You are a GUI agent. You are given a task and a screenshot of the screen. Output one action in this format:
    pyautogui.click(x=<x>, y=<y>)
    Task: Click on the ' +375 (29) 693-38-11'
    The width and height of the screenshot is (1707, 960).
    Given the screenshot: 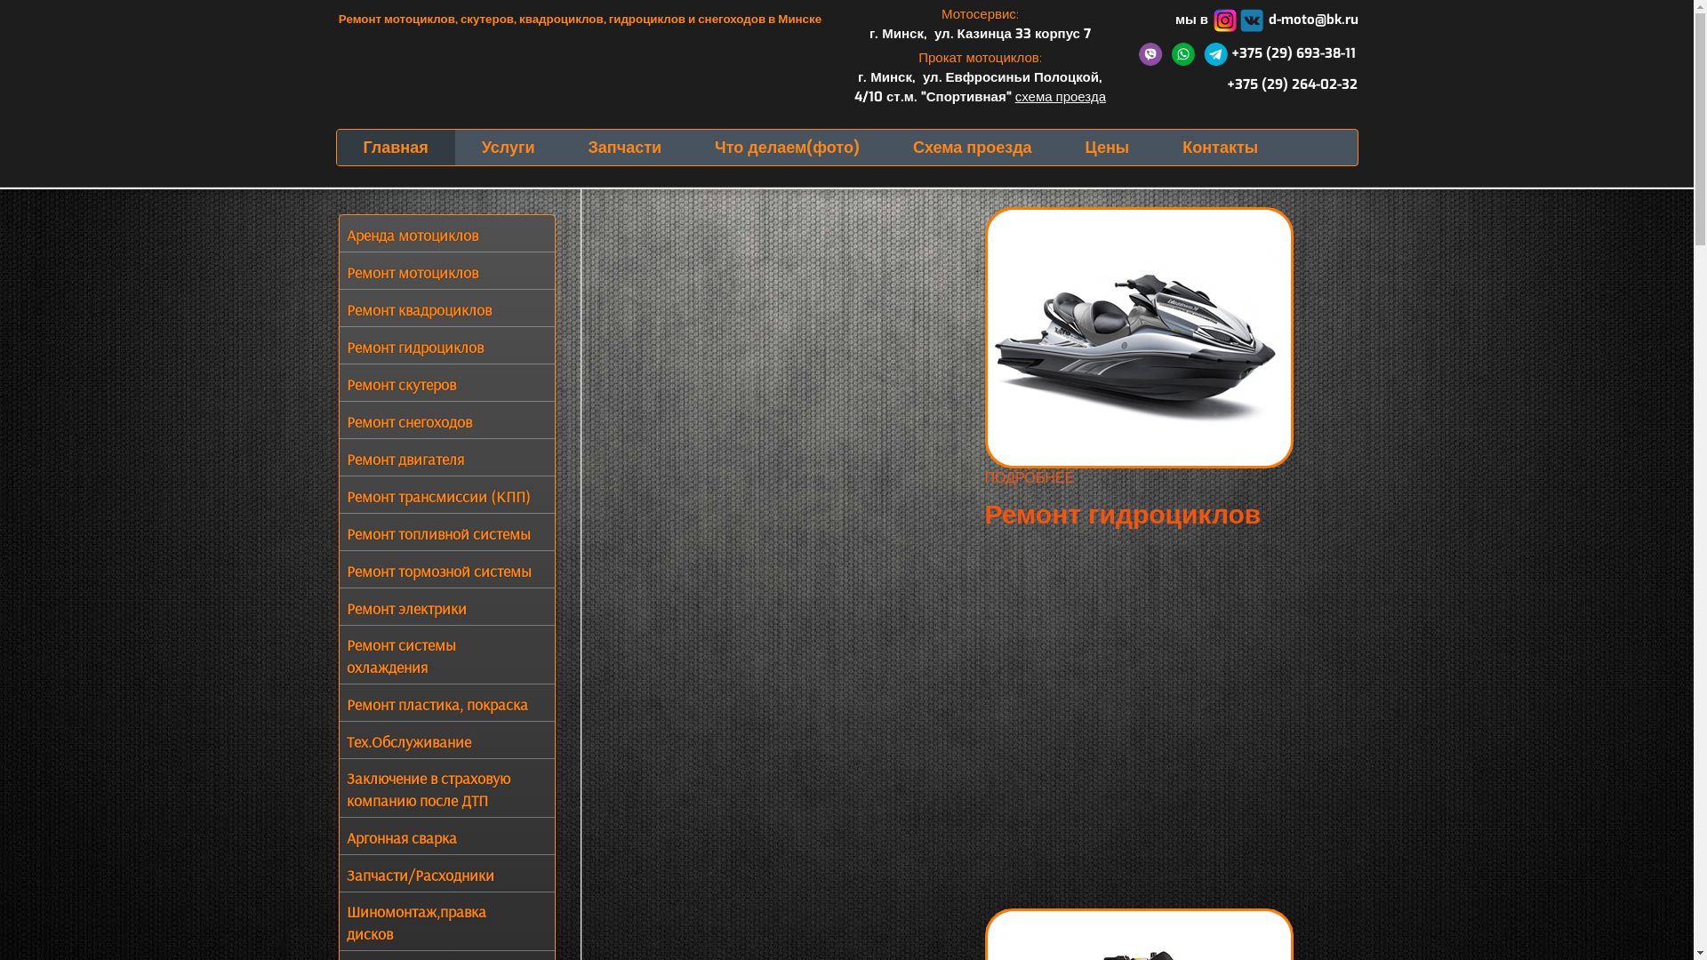 What is the action you would take?
    pyautogui.click(x=1245, y=52)
    